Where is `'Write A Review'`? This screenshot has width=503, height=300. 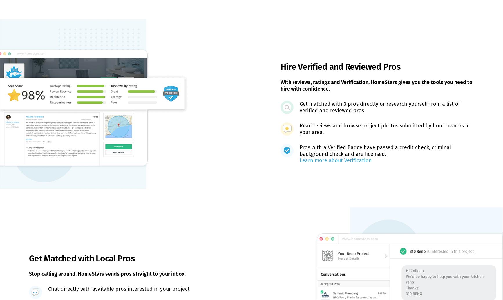 'Write A Review' is located at coordinates (75, 215).